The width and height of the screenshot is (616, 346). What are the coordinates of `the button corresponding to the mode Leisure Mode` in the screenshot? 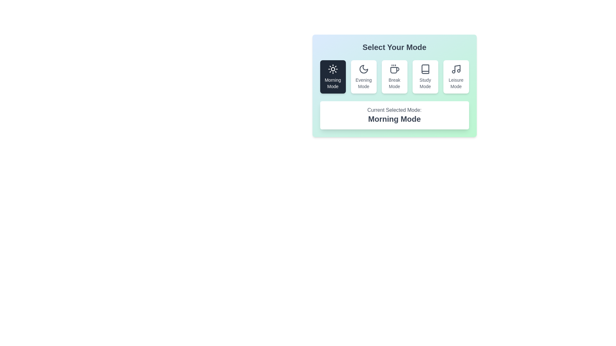 It's located at (456, 76).